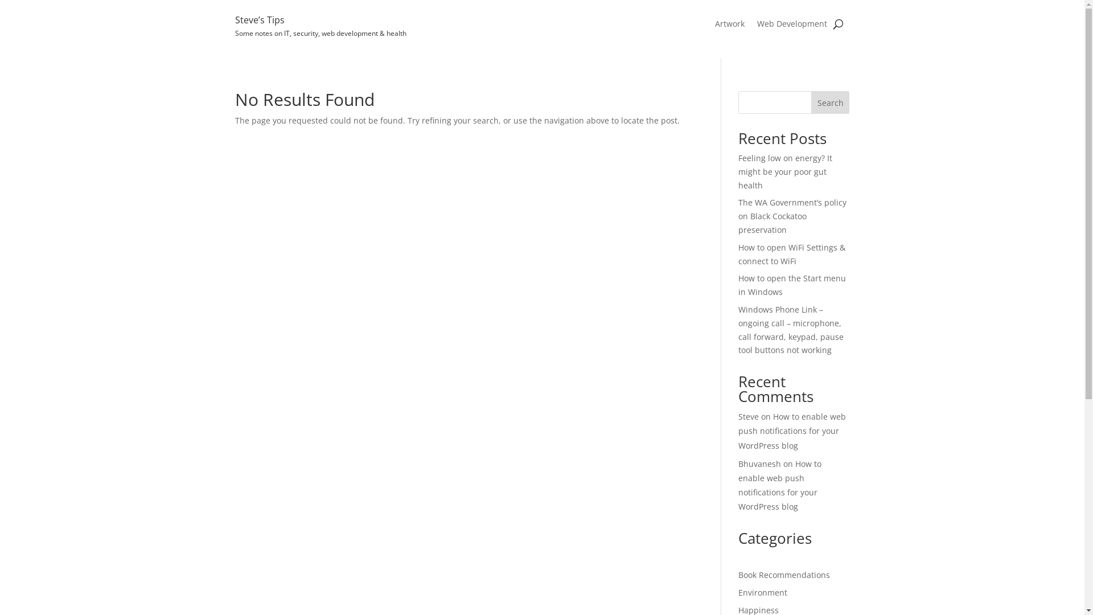 Image resolution: width=1093 pixels, height=615 pixels. Describe the element at coordinates (831, 102) in the screenshot. I see `'Search'` at that location.